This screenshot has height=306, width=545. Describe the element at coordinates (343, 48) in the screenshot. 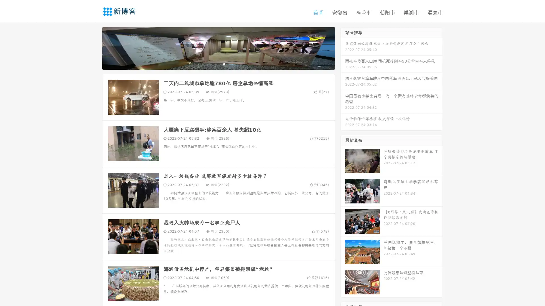

I see `Next slide` at that location.